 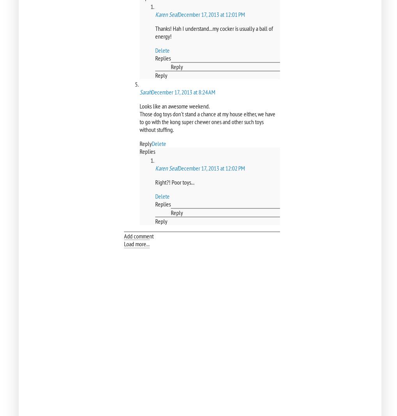 What do you see at coordinates (140, 122) in the screenshot?
I see `'Those dog toys don't stand a chance at my house either, we have to go with the kong super chewer ones and other such toys without stuffing.'` at bounding box center [140, 122].